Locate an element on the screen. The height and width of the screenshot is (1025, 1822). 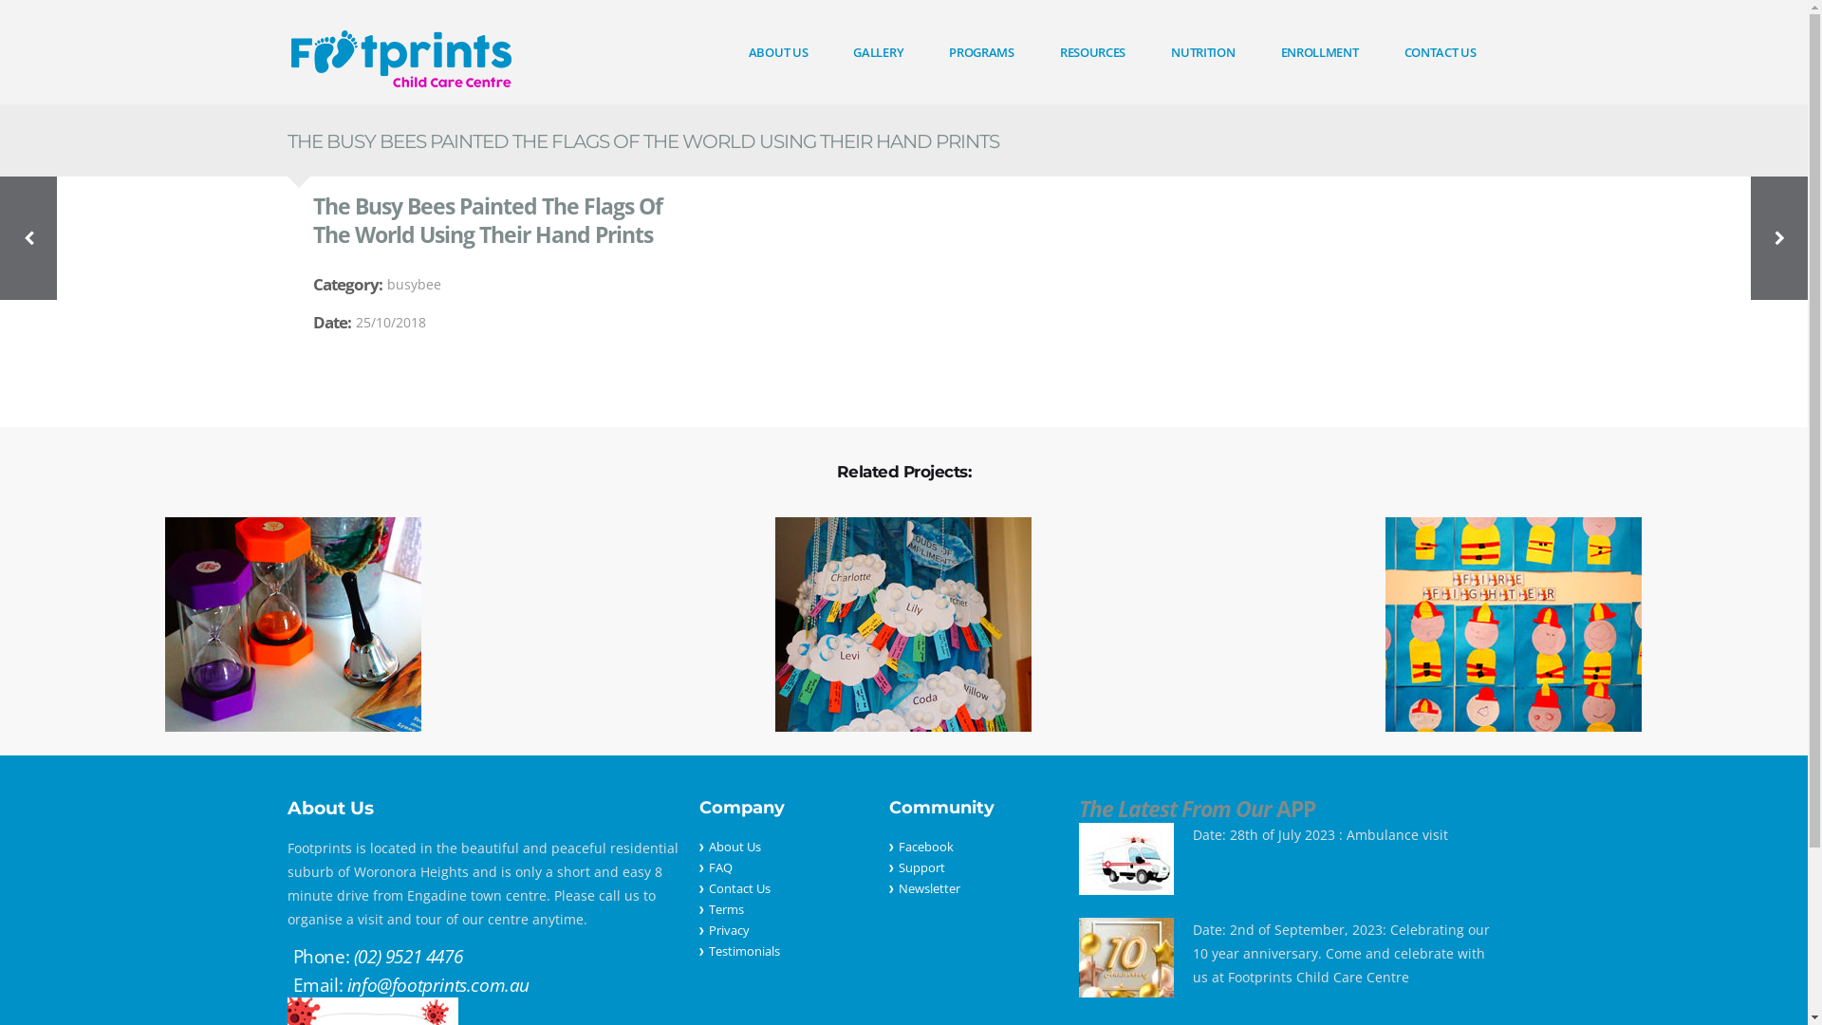
'NUTRITION' is located at coordinates (1201, 50).